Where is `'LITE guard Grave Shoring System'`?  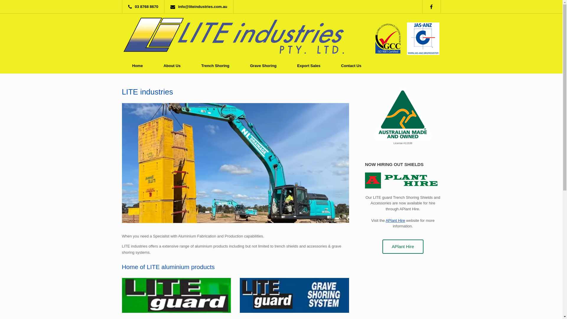
'LITE guard Grave Shoring System' is located at coordinates (294, 295).